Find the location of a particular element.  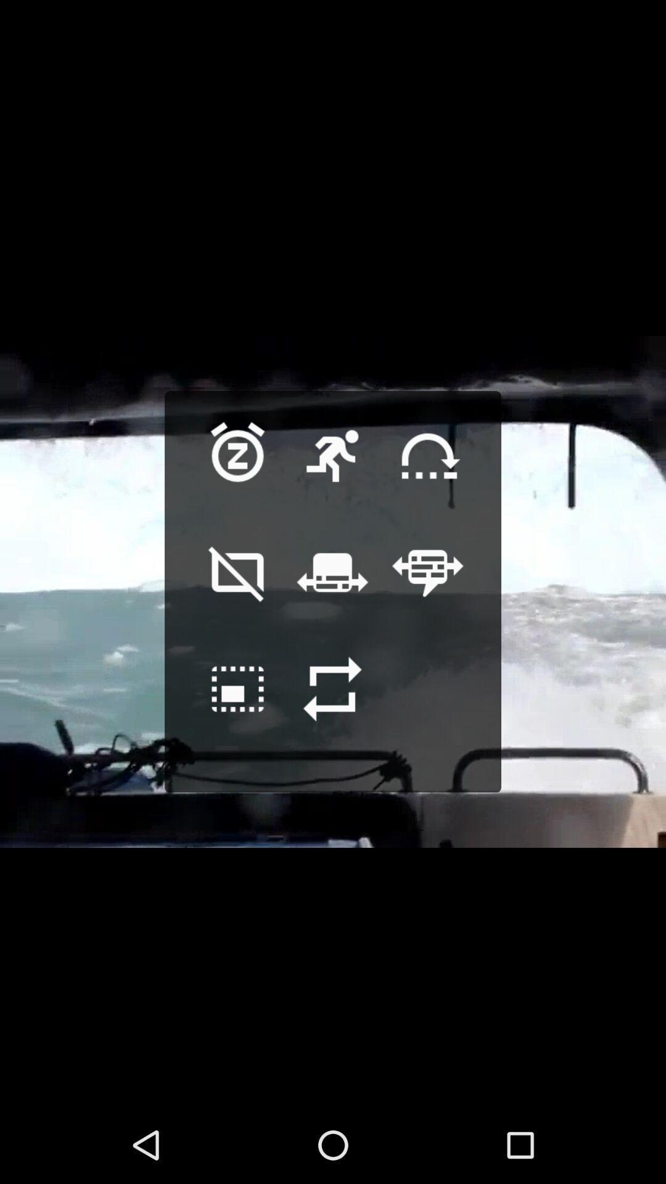

set alarm clock is located at coordinates (237, 475).